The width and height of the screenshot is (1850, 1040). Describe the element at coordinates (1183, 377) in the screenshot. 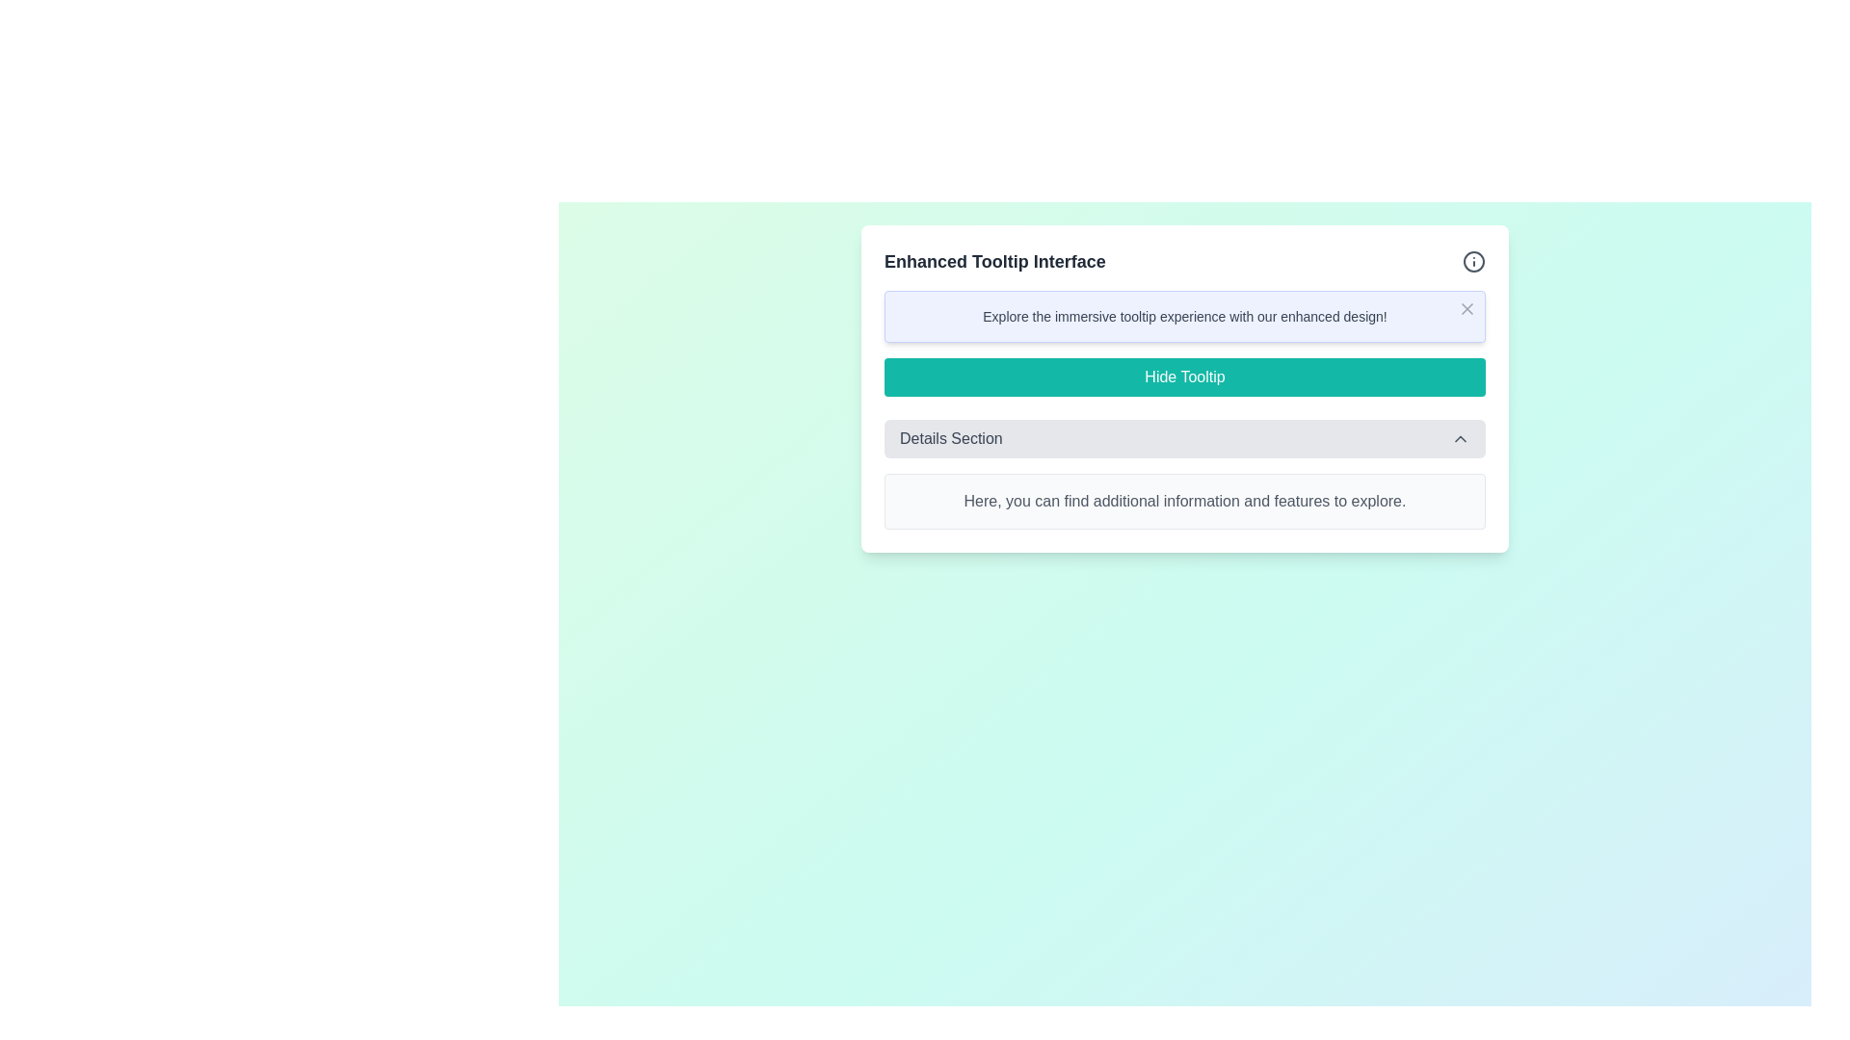

I see `the button with a teal background and white text reading 'Hide Tooltip'` at that location.